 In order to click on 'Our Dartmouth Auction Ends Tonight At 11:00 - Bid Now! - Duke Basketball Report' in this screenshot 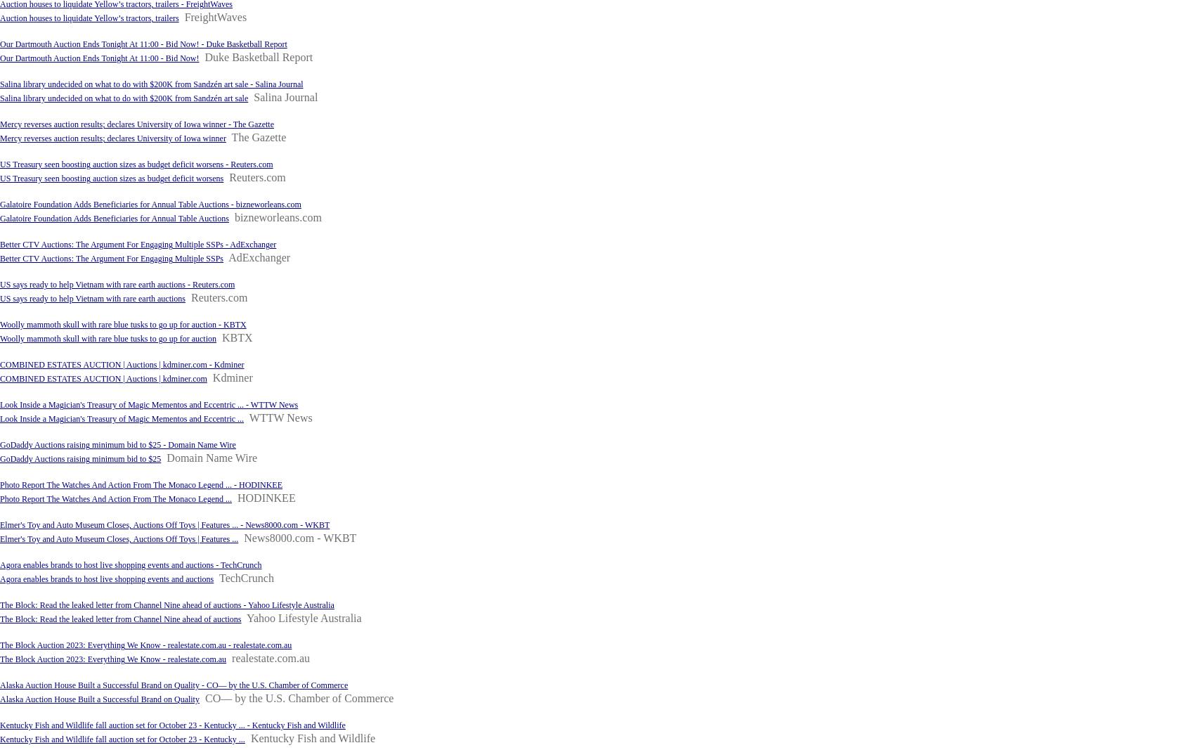, I will do `click(143, 43)`.